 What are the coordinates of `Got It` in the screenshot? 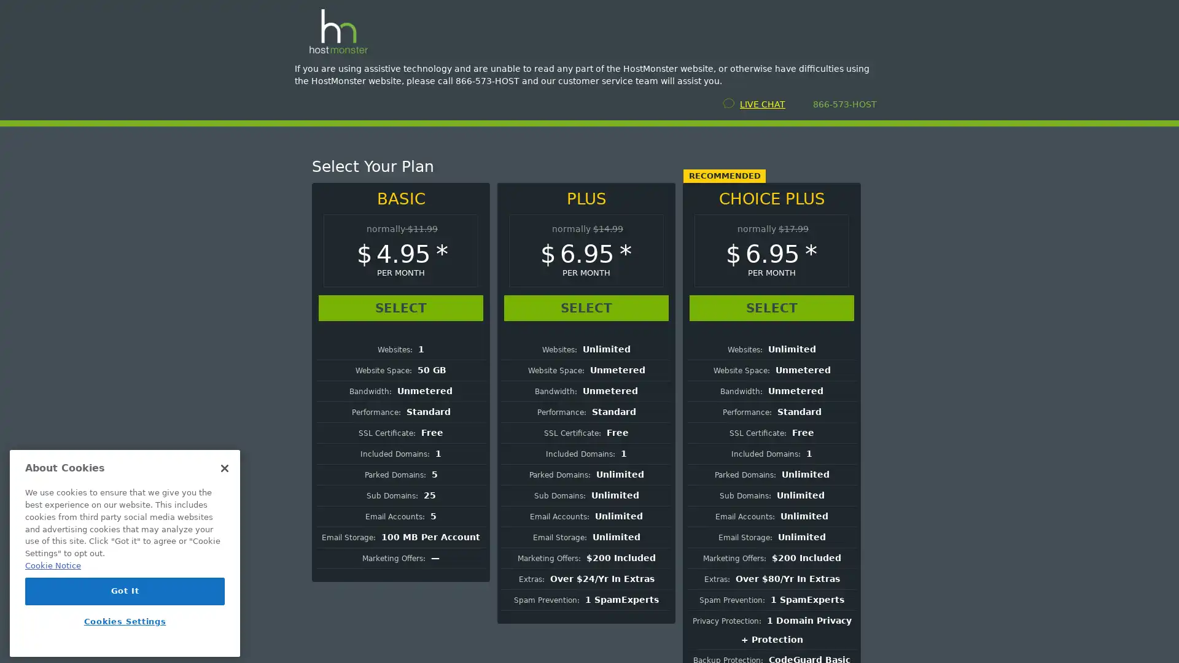 It's located at (125, 591).